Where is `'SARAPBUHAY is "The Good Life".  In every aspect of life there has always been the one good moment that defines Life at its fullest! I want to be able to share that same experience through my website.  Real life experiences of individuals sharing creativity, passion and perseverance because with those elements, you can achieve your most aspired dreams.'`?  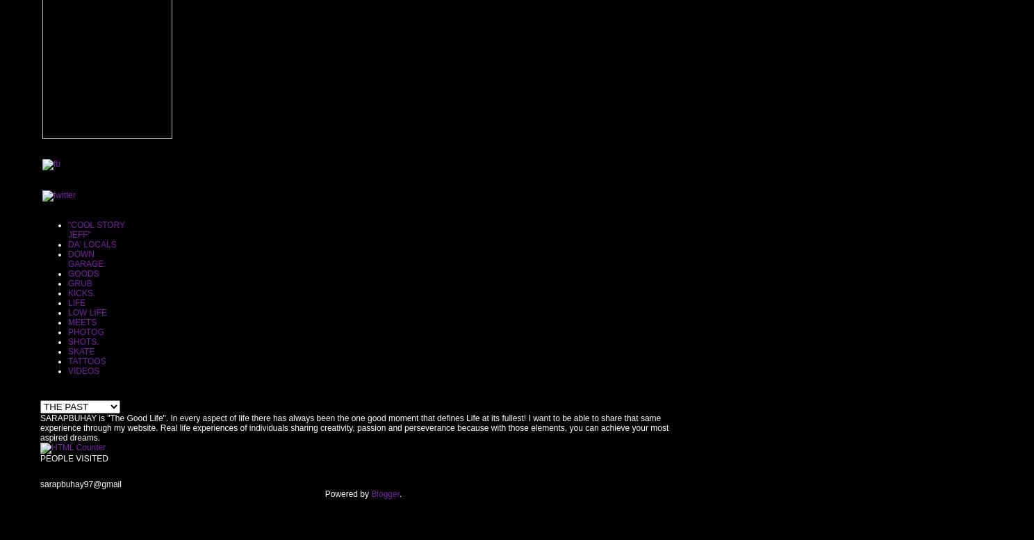 'SARAPBUHAY is "The Good Life".  In every aspect of life there has always been the one good moment that defines Life at its fullest! I want to be able to share that same experience through my website.  Real life experiences of individuals sharing creativity, passion and perseverance because with those elements, you can achieve your most aspired dreams.' is located at coordinates (353, 426).